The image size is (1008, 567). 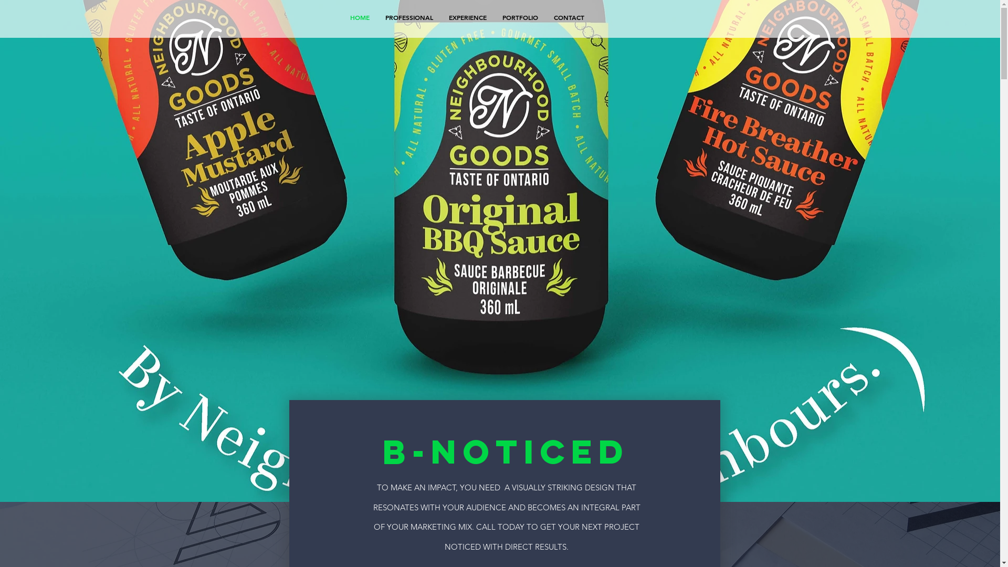 I want to click on 'PORTFOLIO', so click(x=520, y=17).